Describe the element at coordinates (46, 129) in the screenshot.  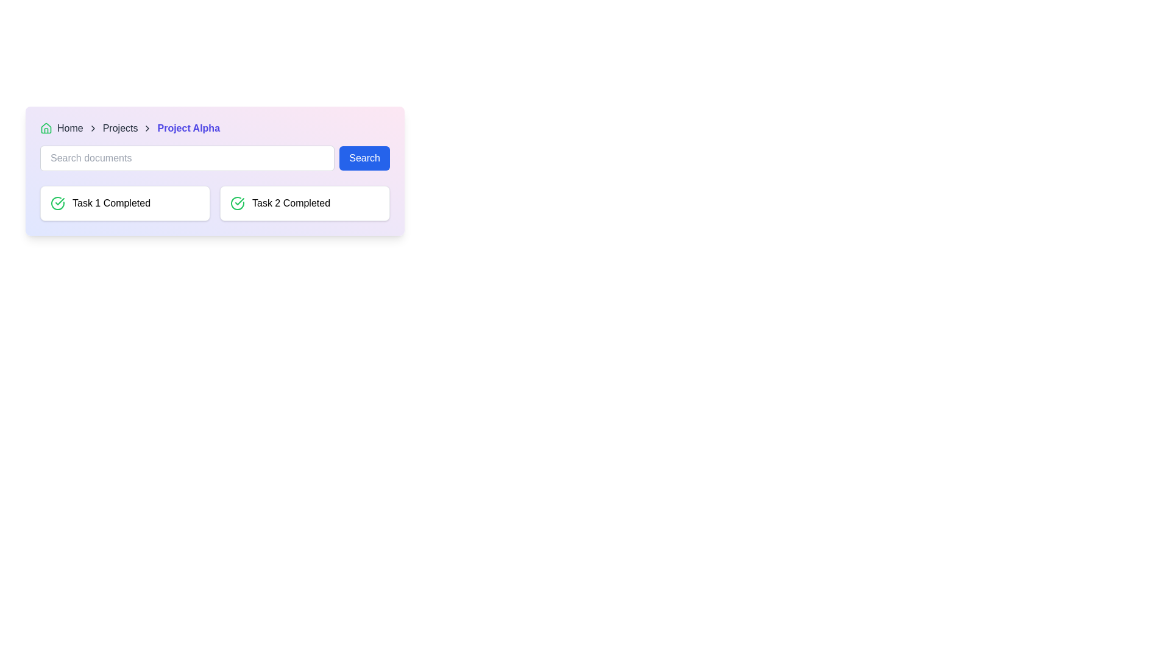
I see `the 'Home' icon in the navigation bar, which is positioned to the leftmost side and precedes the text 'Home'` at that location.